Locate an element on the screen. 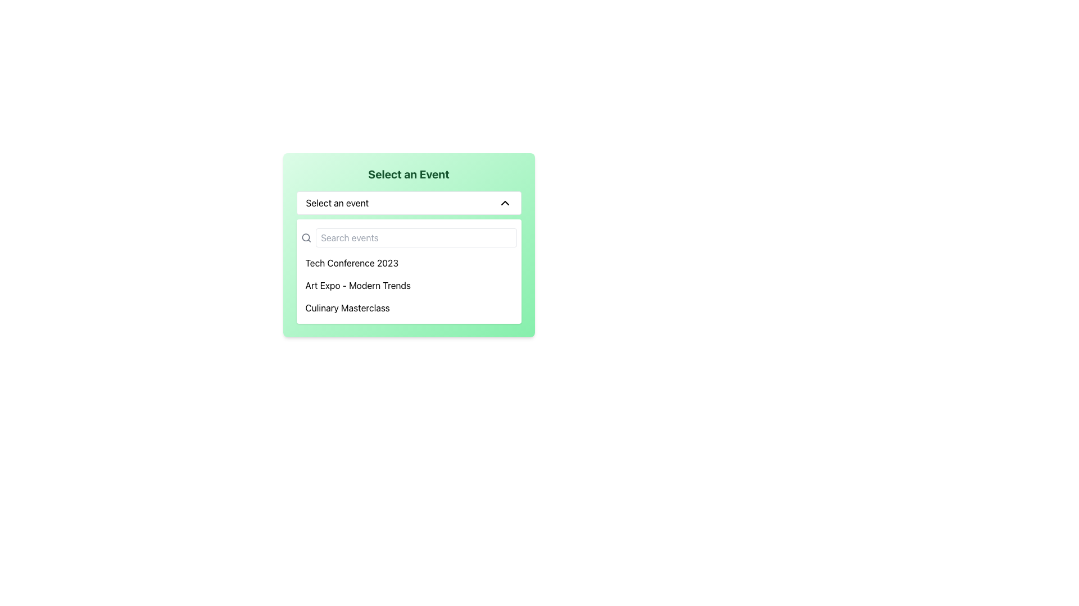  the second item in the dropdown list, which represents an event selection for 'What this Text item' that follows 'Tech Conference 2023' and precedes 'Culinary Masterclass' is located at coordinates (357, 285).